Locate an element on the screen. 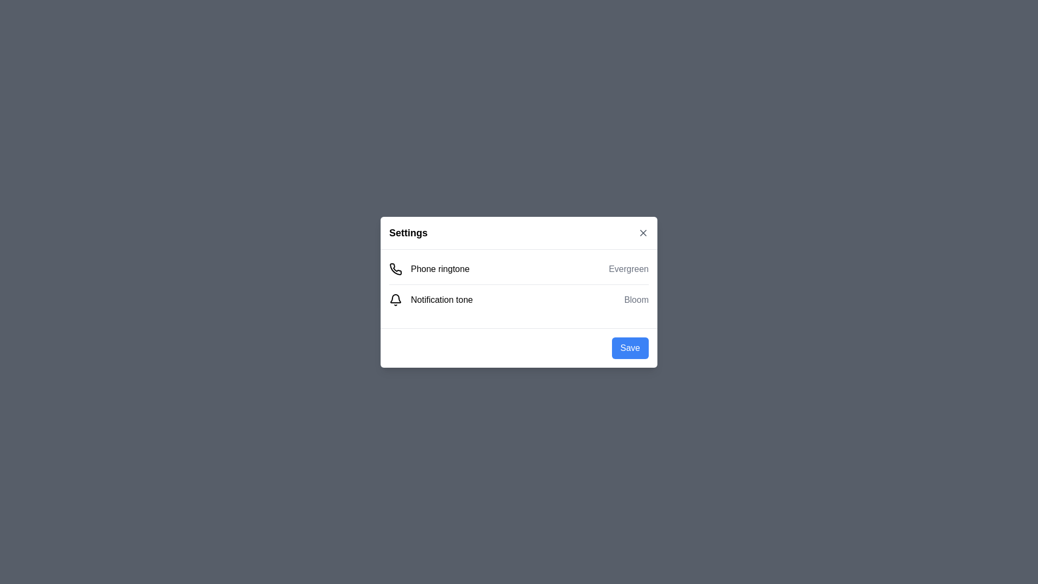  the small stylized telephone receiver icon, which is located at the far left side of the 'Phone ringtone' row in the settings interface is located at coordinates (395, 268).